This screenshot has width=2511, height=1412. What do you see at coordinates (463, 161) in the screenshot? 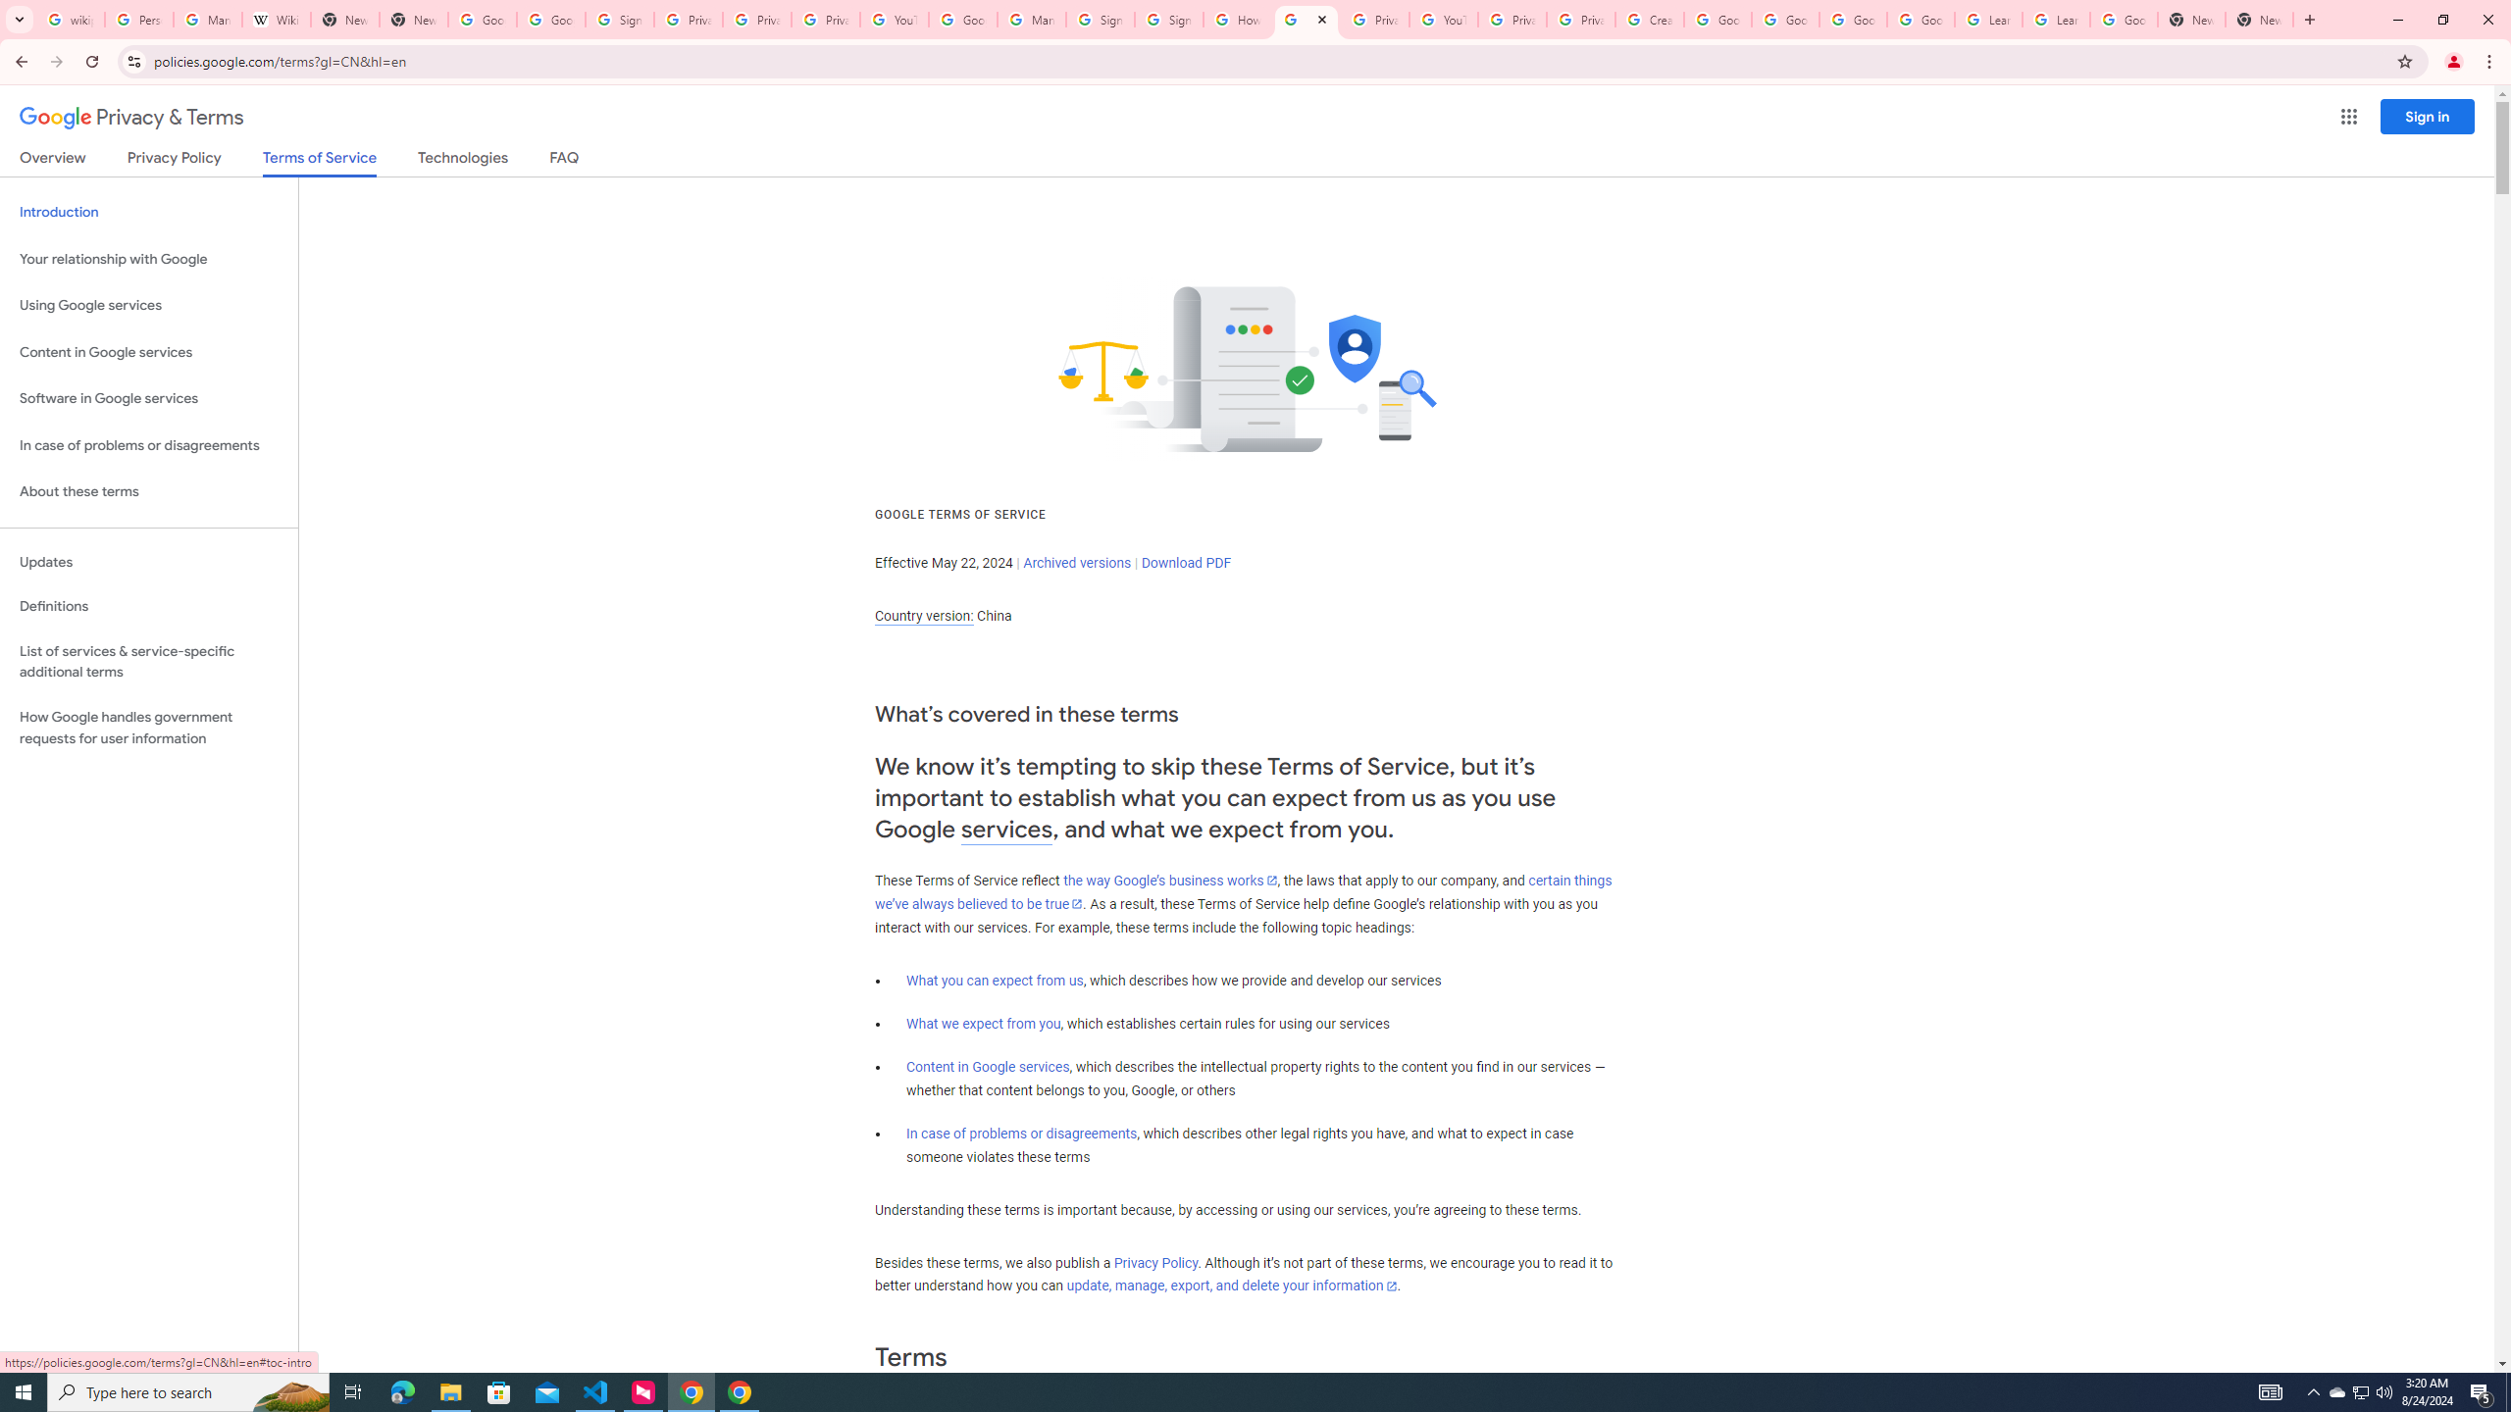
I see `'Technologies'` at bounding box center [463, 161].